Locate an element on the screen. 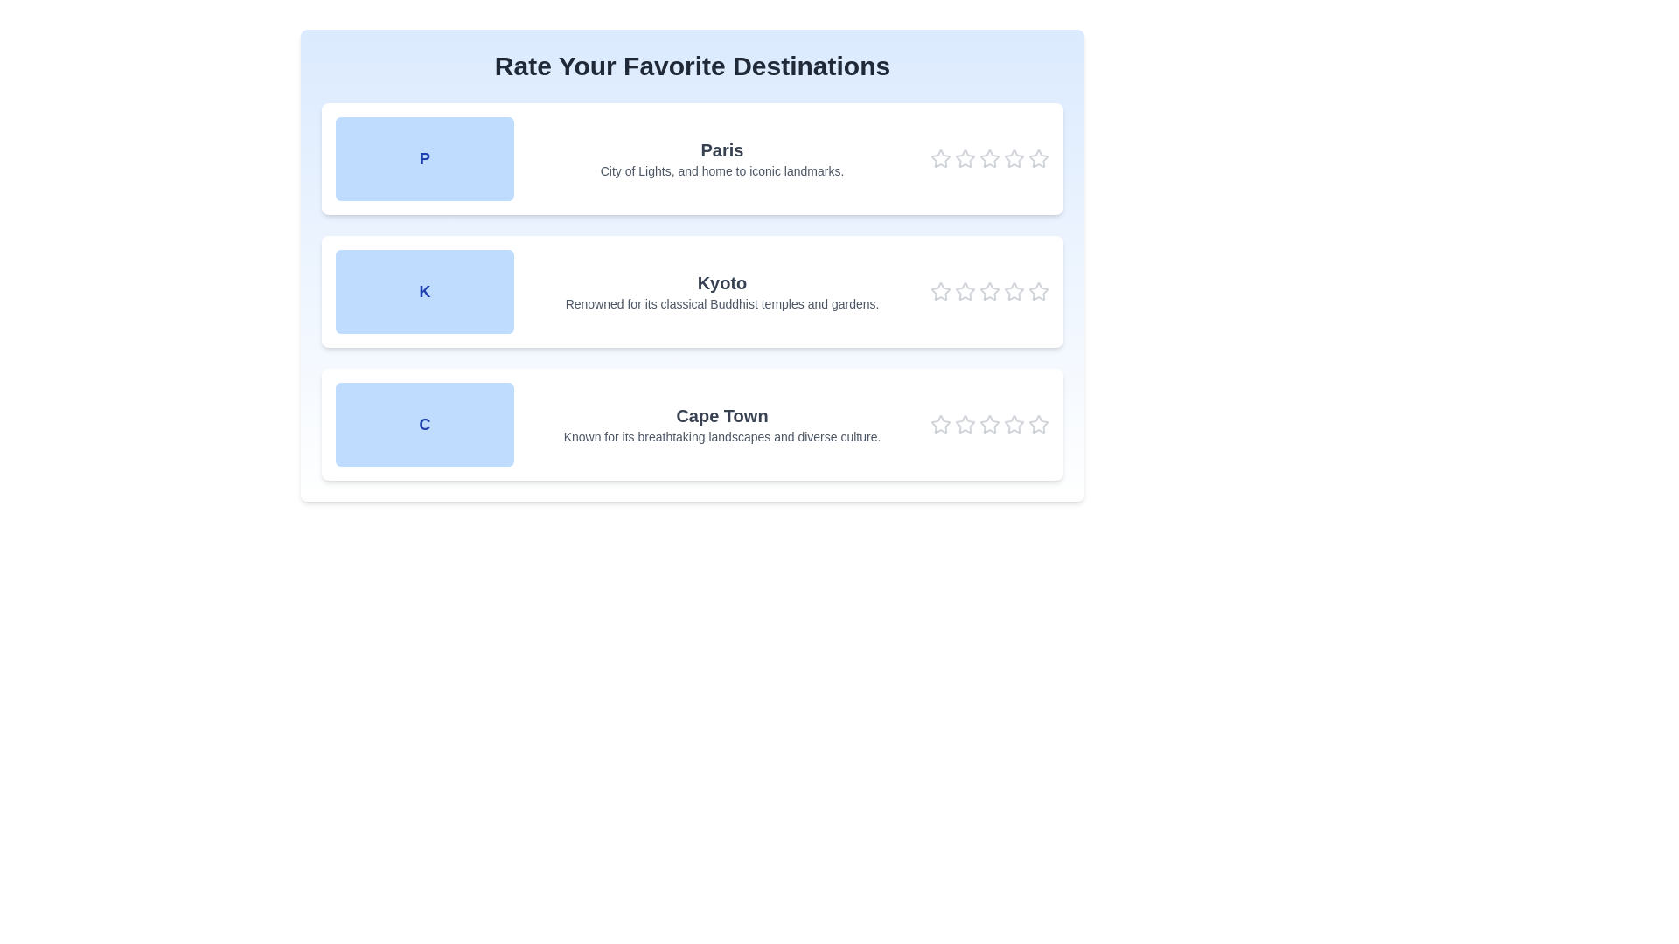 The image size is (1679, 944). the fourth star icon in the six-star rating system is located at coordinates (990, 291).